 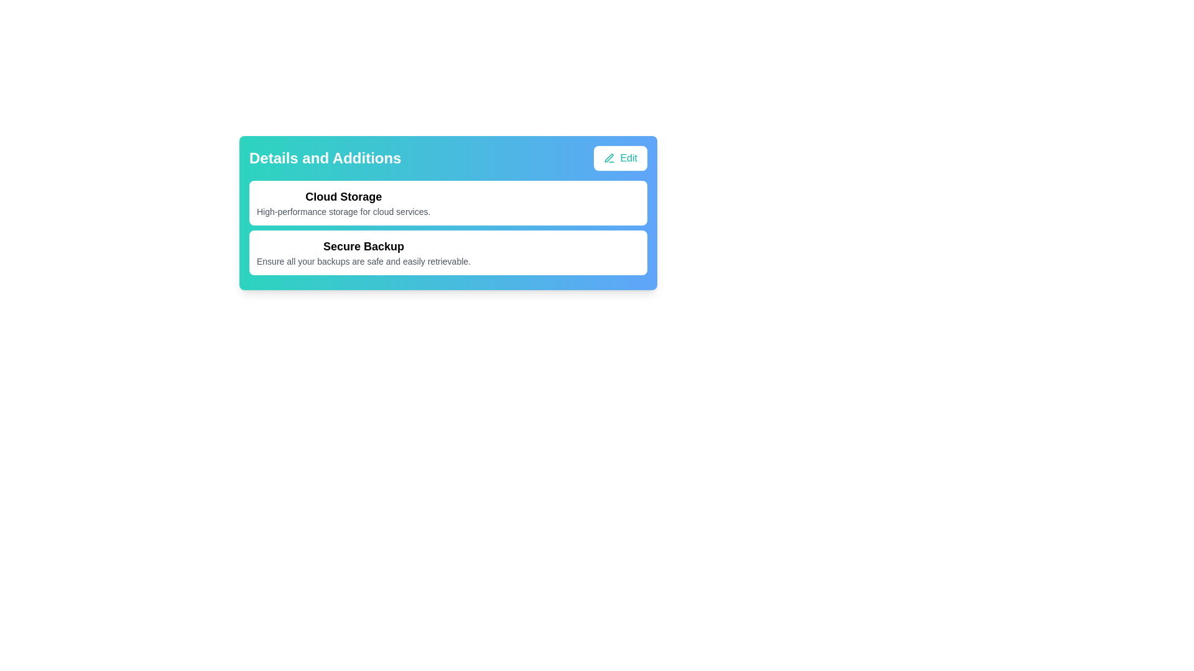 I want to click on the text label located, so click(x=629, y=157).